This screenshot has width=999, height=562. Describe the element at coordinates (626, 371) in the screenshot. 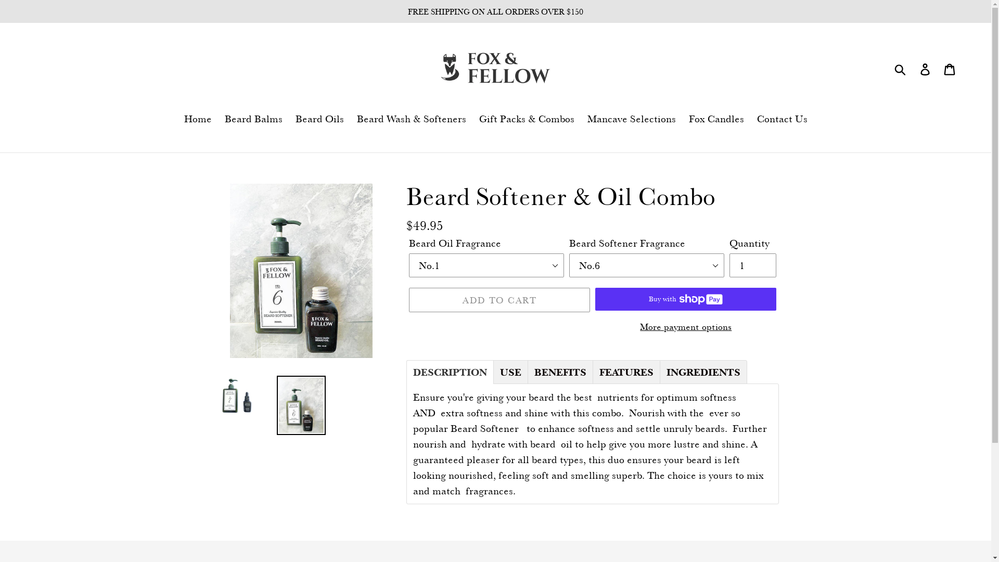

I see `'FEATURES'` at that location.